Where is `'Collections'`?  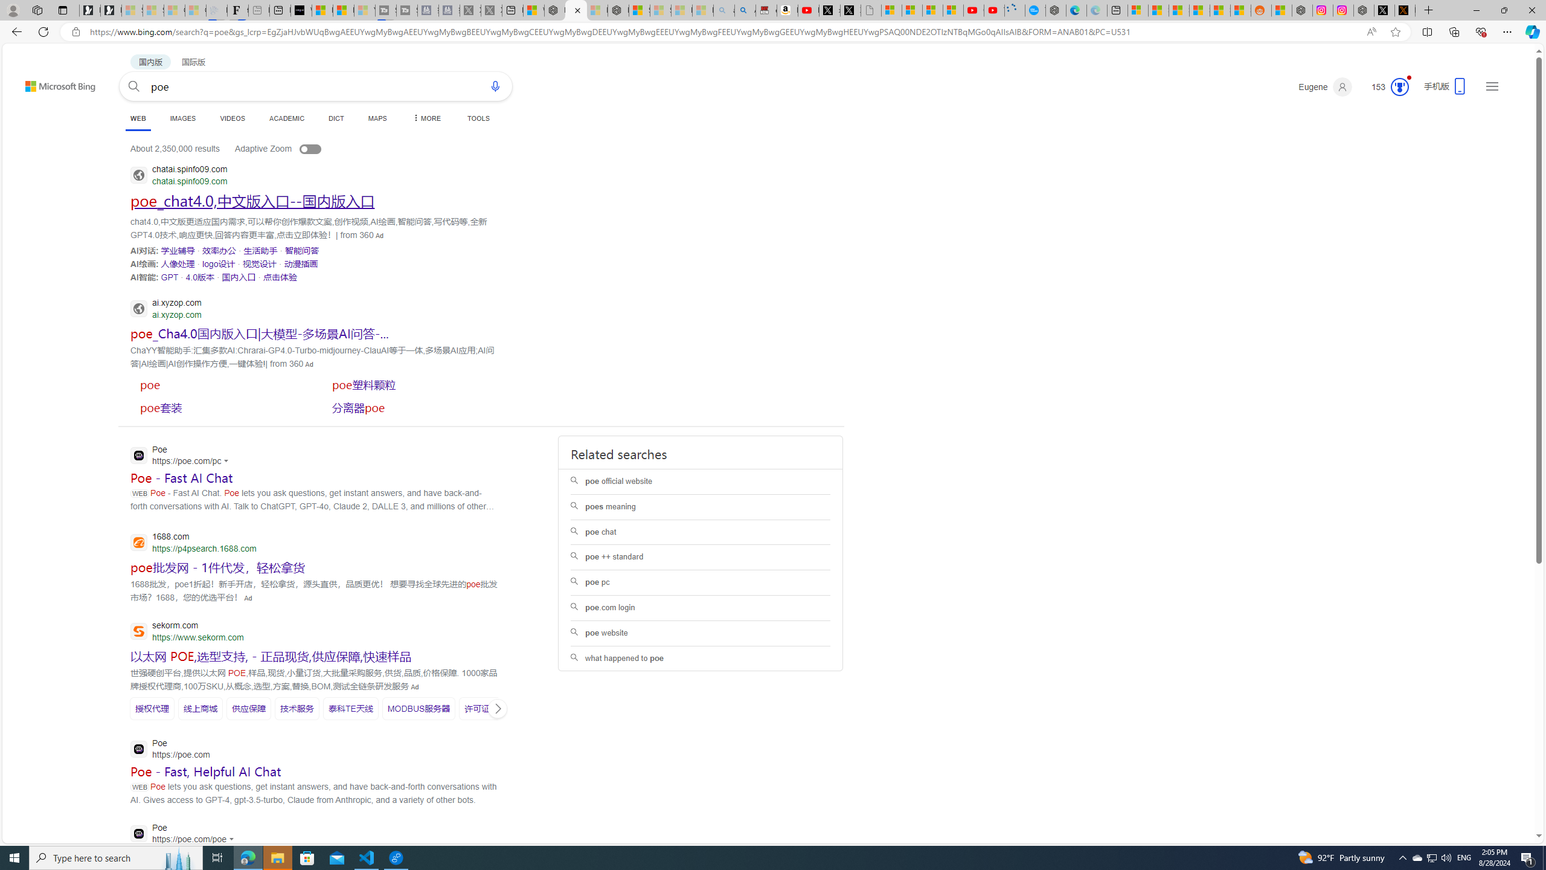 'Collections' is located at coordinates (1453, 31).